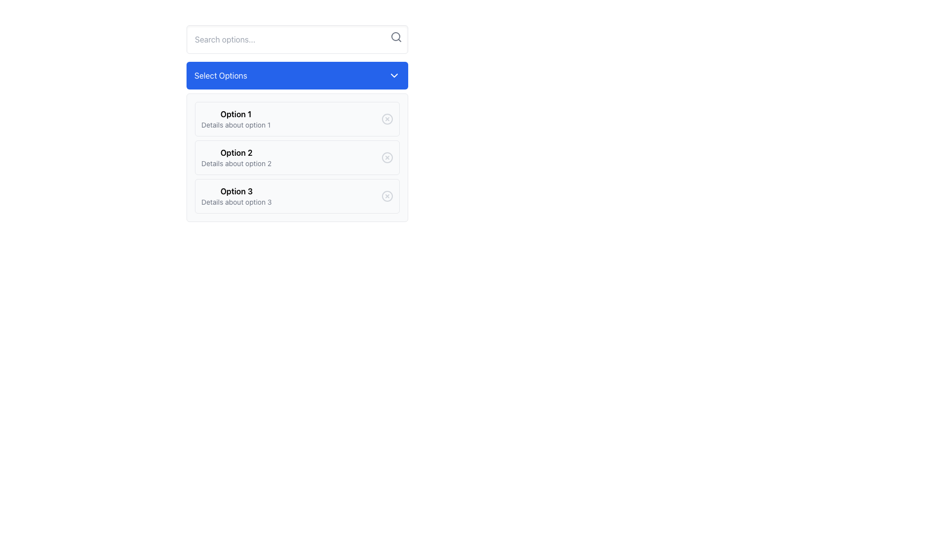 Image resolution: width=950 pixels, height=534 pixels. I want to click on the Decorative Icon located next to the 'Details about option 2' text in the 'Option 2' block, which is a circular icon with a light gray border, so click(386, 157).